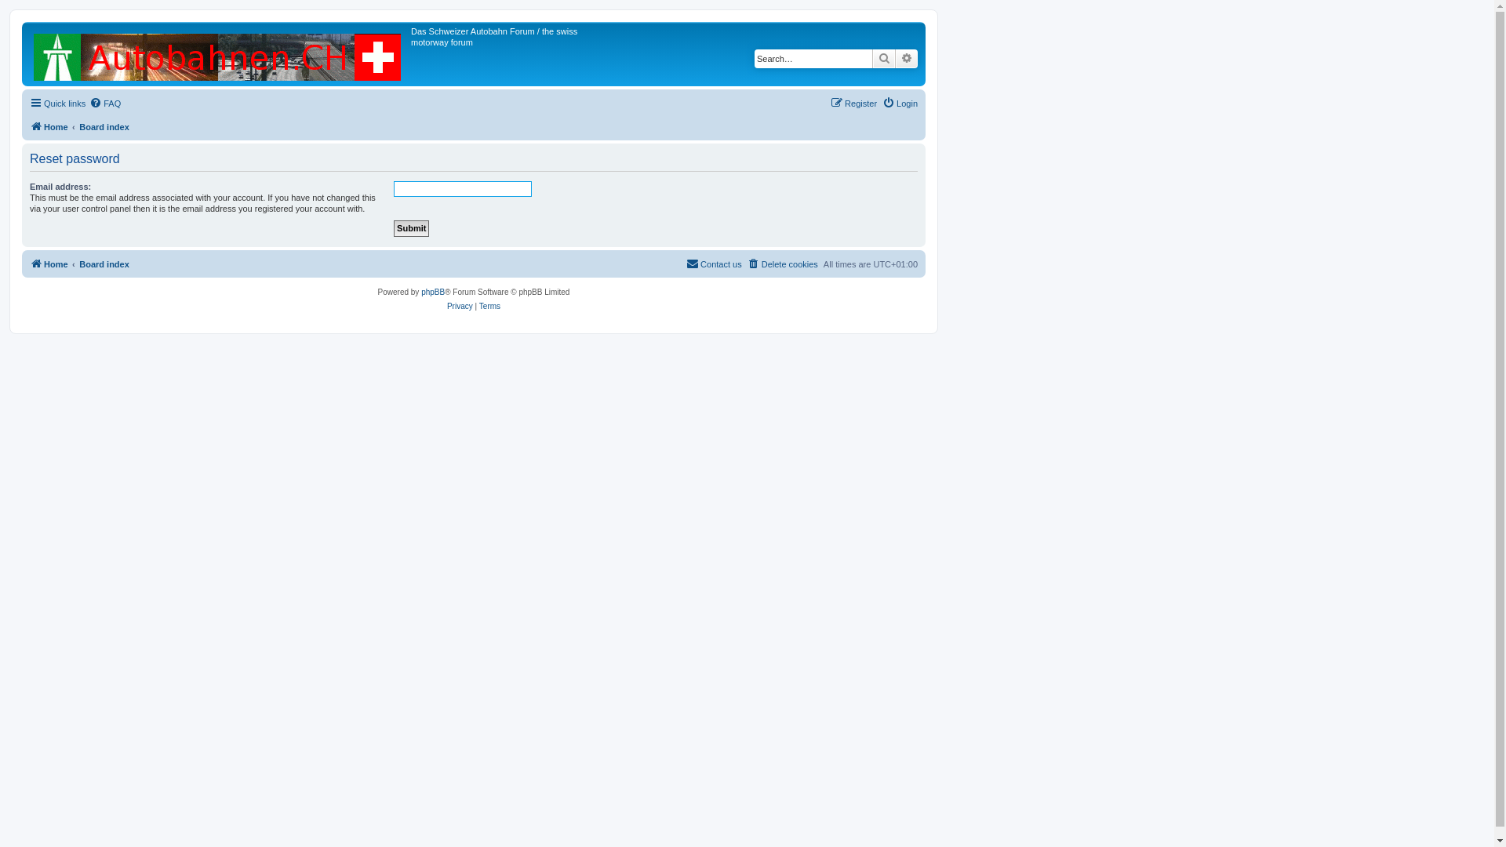 This screenshot has width=1506, height=847. I want to click on 'Home', so click(49, 126).